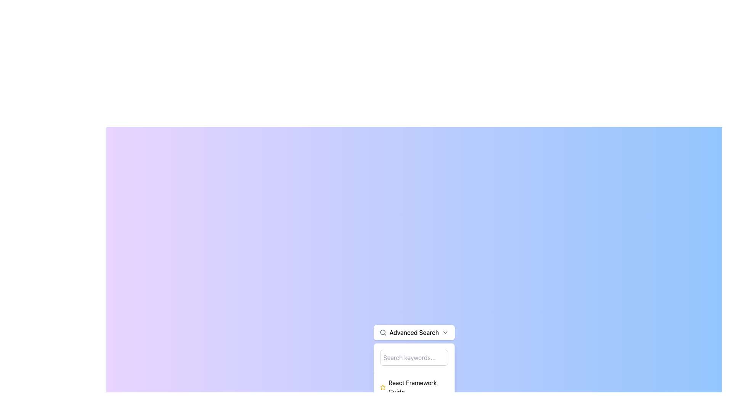 The height and width of the screenshot is (411, 732). Describe the element at coordinates (414, 358) in the screenshot. I see `the Text Input Field located in the dropdown component under the 'Advanced Search' title, which allows users to input and search for keywords` at that location.